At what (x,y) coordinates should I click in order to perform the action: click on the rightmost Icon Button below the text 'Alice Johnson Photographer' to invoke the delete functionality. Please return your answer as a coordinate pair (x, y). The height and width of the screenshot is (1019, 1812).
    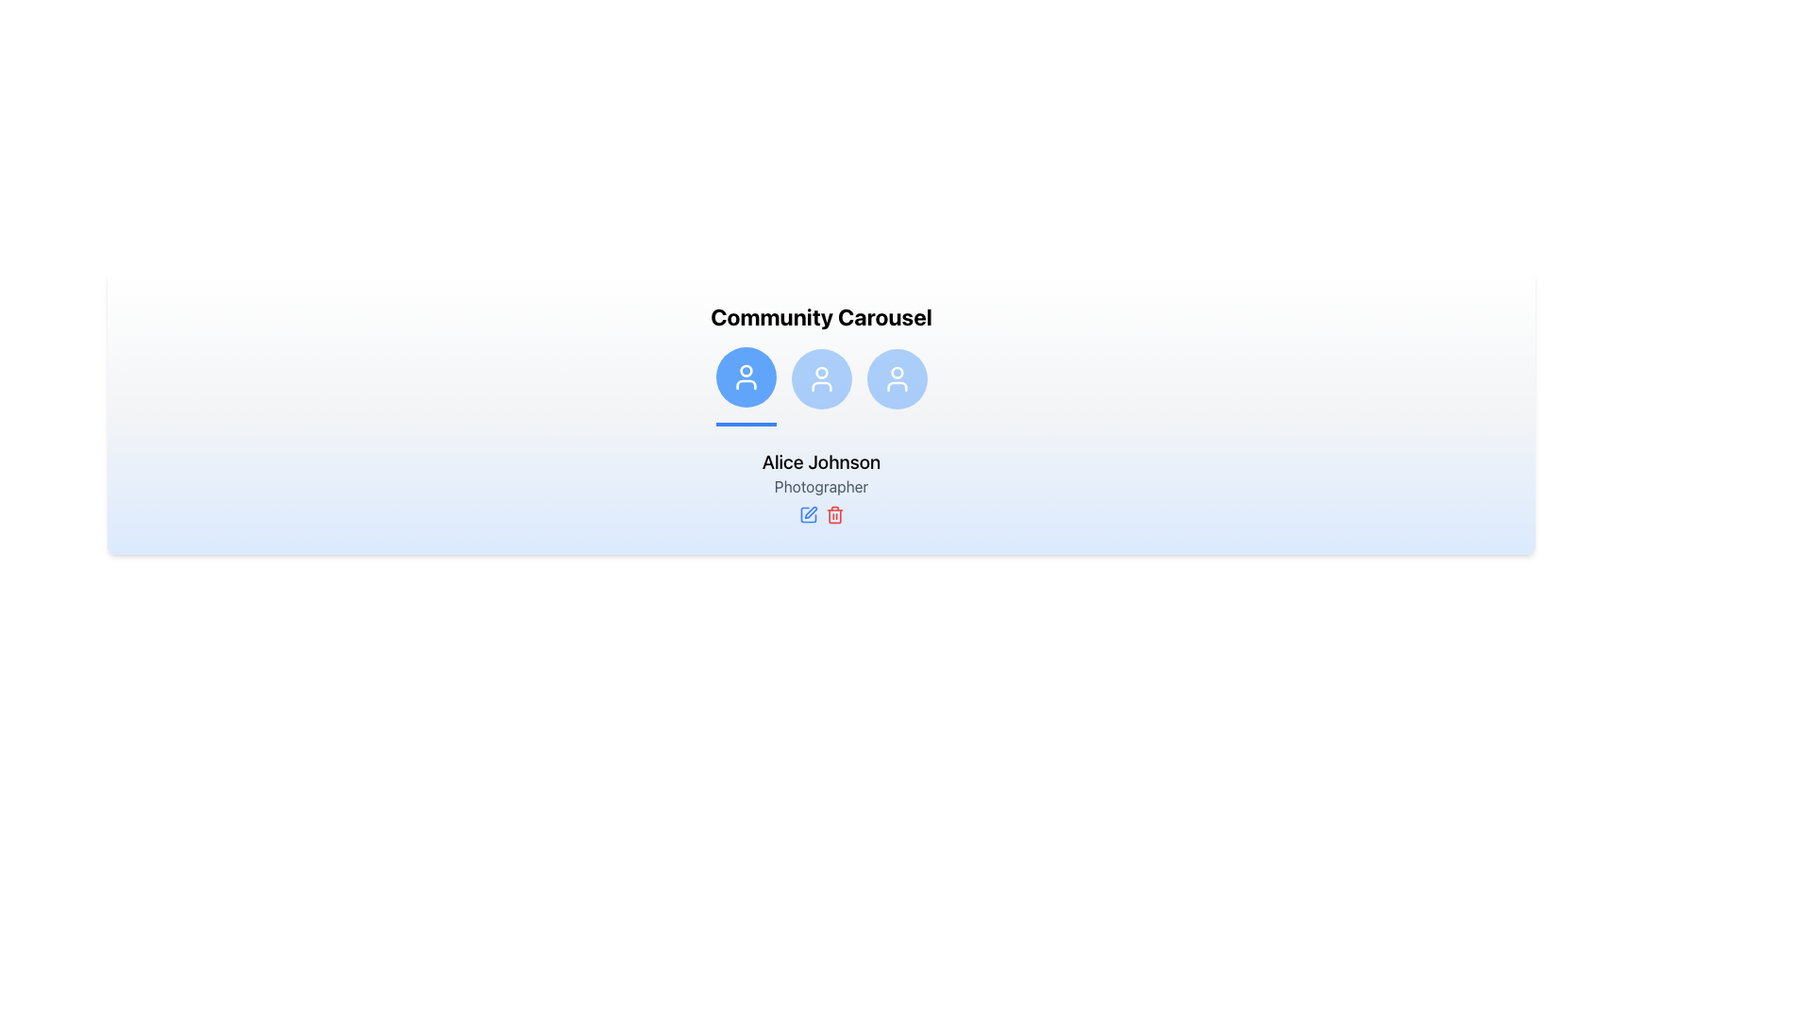
    Looking at the image, I should click on (833, 515).